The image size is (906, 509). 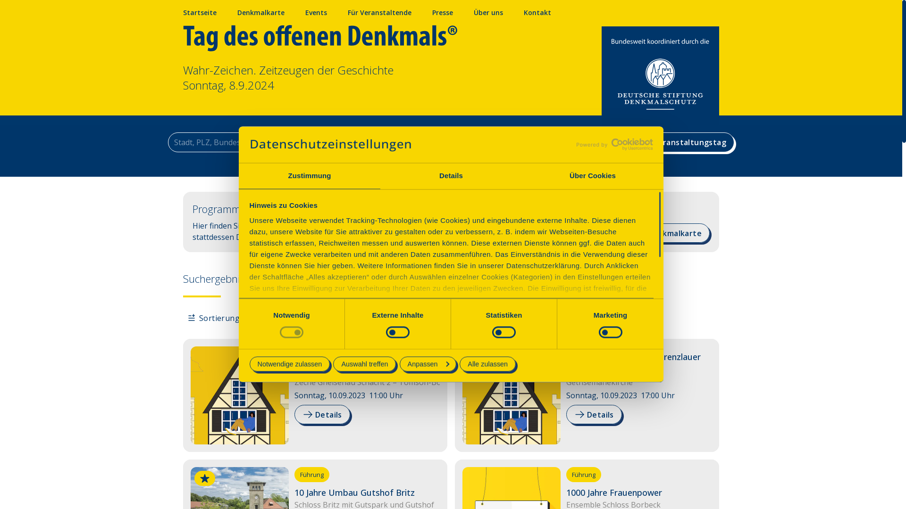 I want to click on 'Kontakt', so click(x=523, y=12).